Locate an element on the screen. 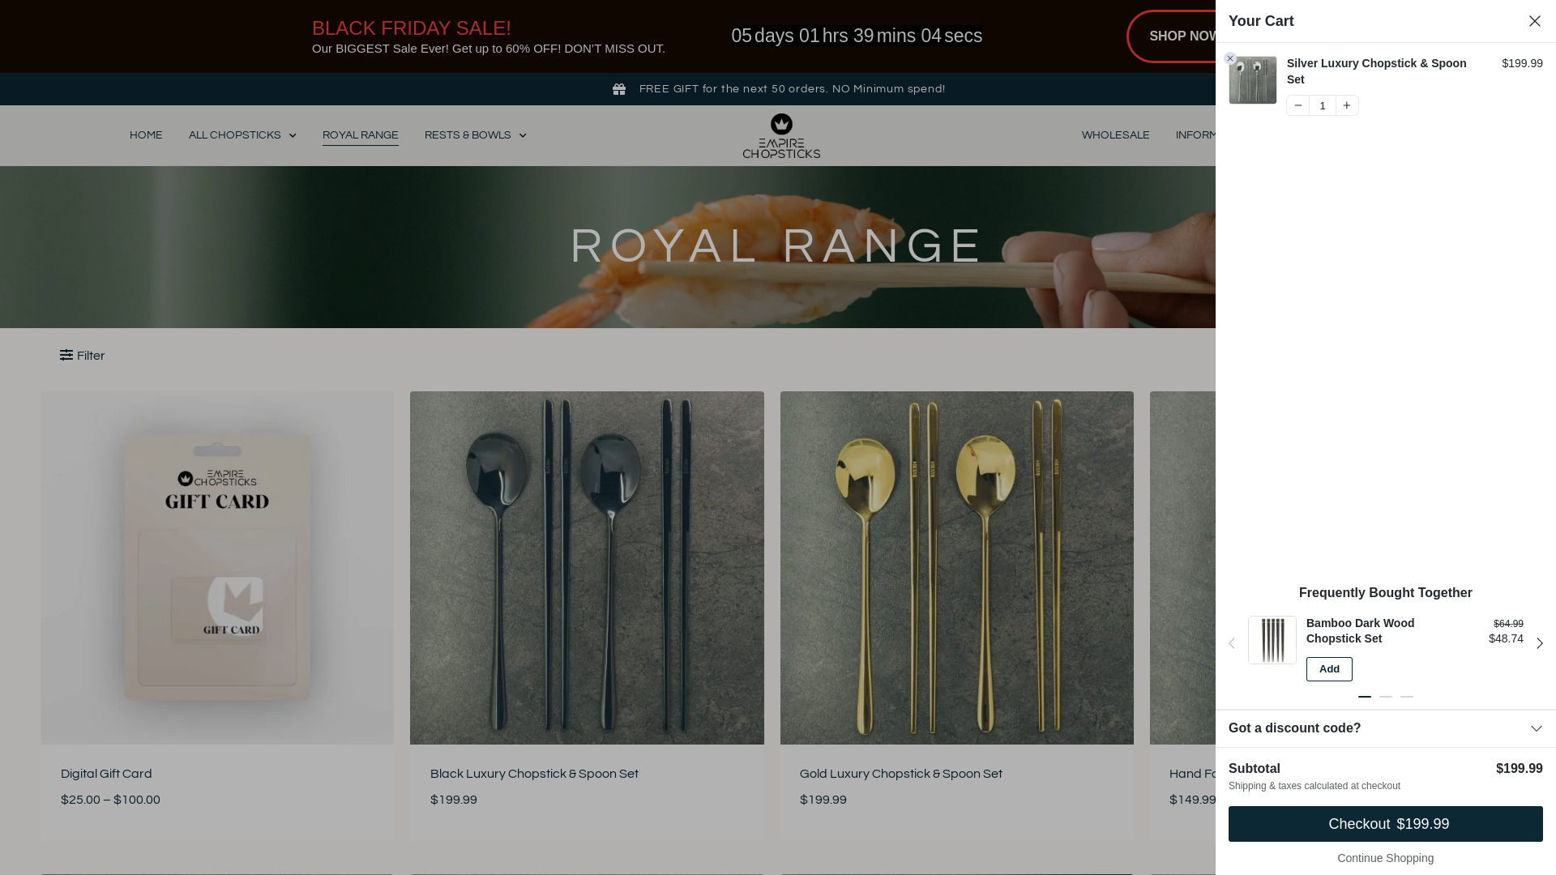  'RESTS & BOWLS' is located at coordinates (474, 134).